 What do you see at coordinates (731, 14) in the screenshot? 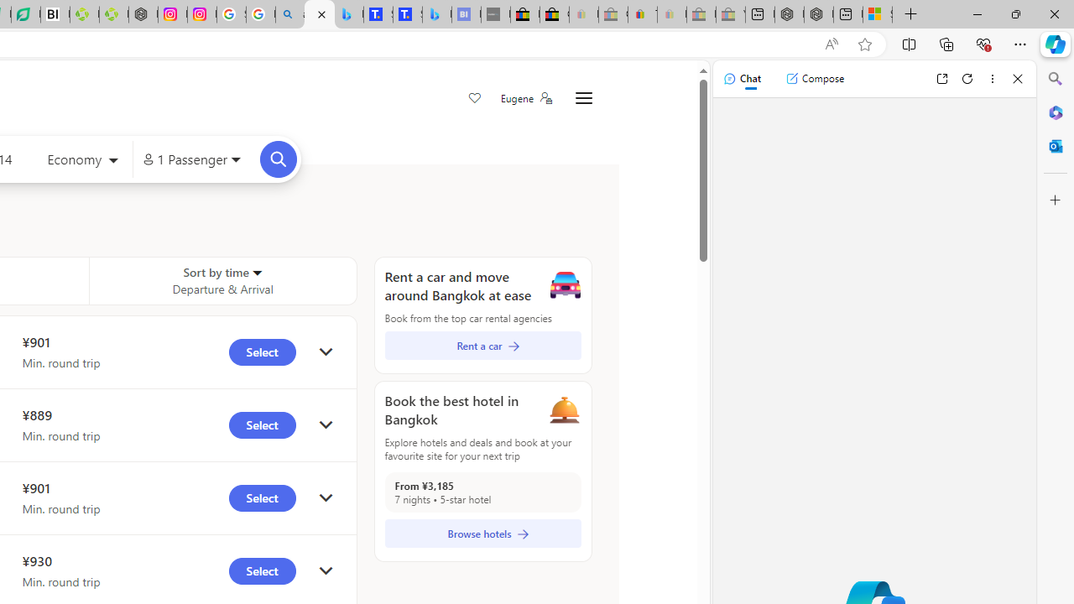
I see `'Yard, Garden & Outdoor Living - Sleeping'` at bounding box center [731, 14].